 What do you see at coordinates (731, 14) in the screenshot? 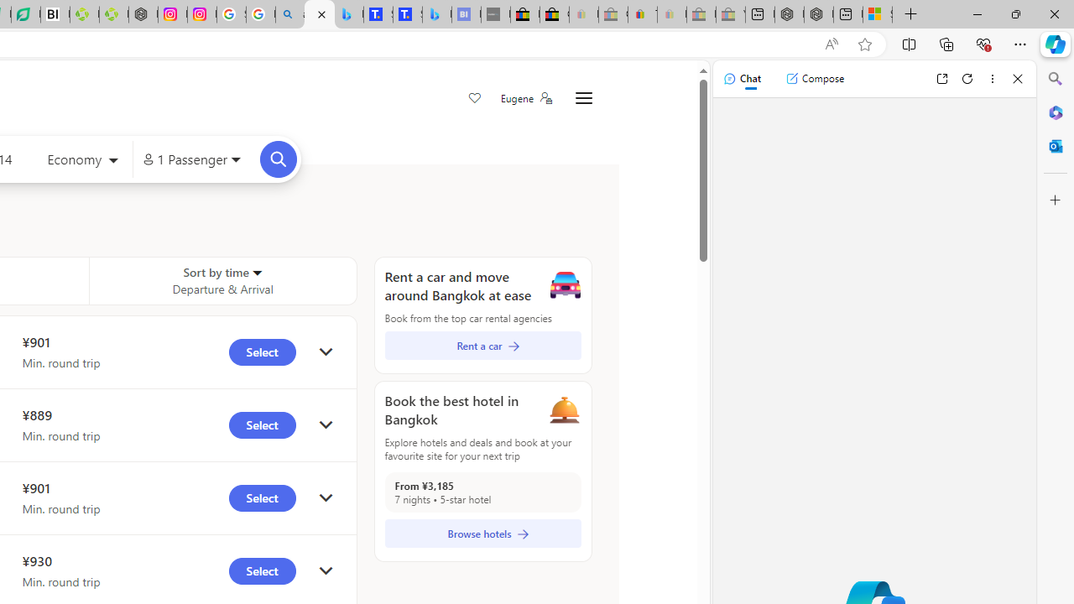
I see `'Yard, Garden & Outdoor Living - Sleeping'` at bounding box center [731, 14].